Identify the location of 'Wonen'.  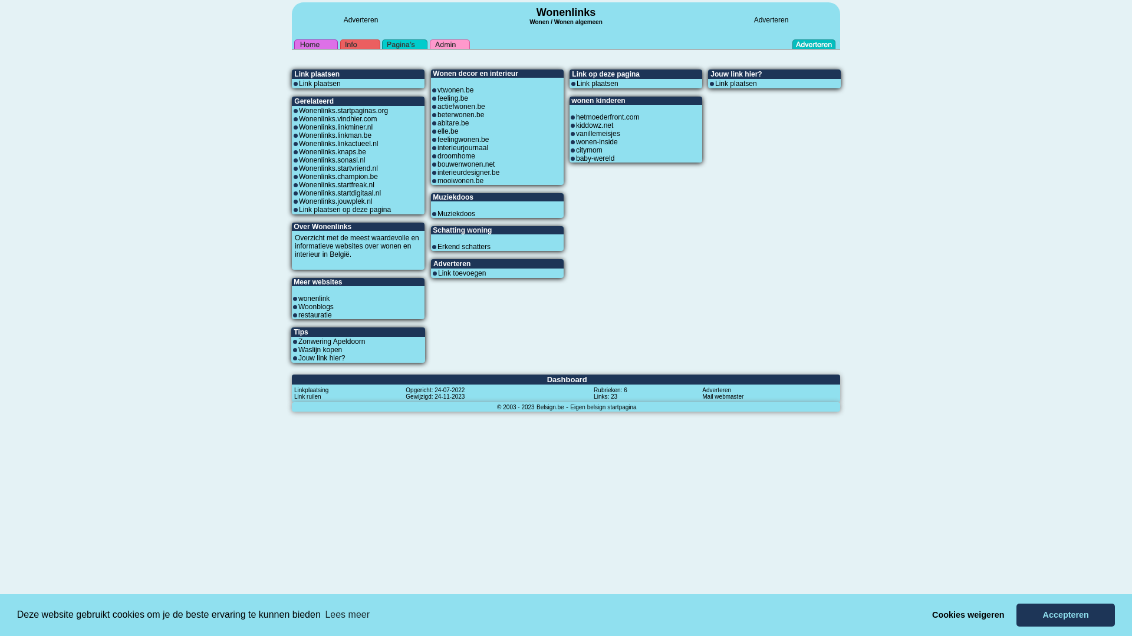
(528, 20).